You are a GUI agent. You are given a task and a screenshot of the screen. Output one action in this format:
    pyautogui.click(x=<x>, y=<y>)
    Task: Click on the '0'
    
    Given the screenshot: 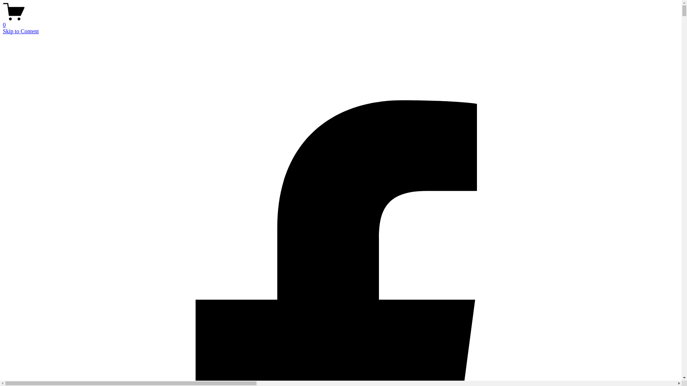 What is the action you would take?
    pyautogui.click(x=3, y=21)
    